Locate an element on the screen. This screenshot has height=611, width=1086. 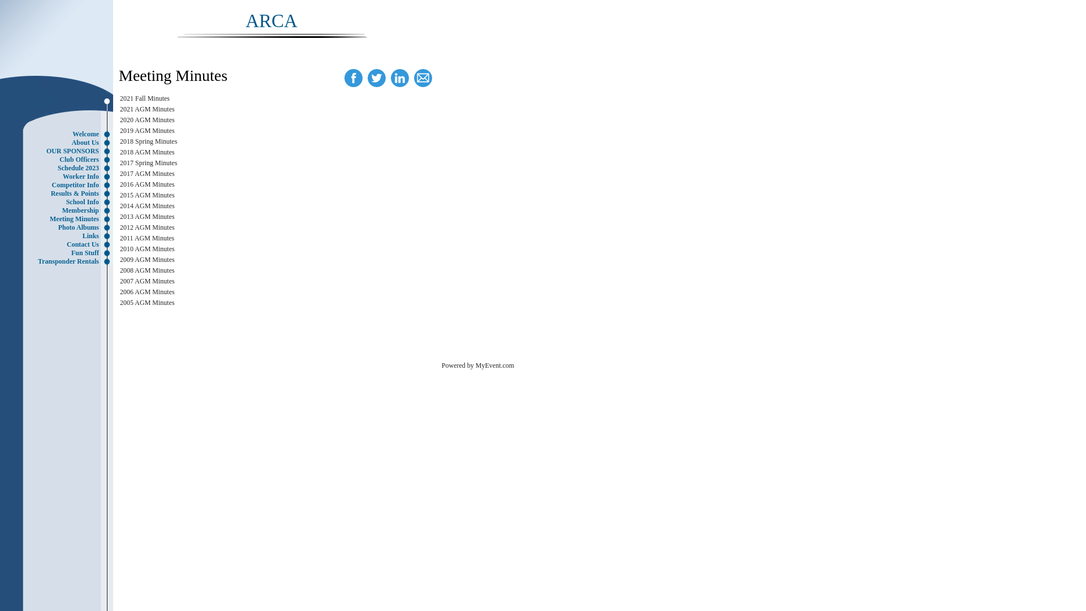
'2006 AGM Minutes' is located at coordinates (146, 291).